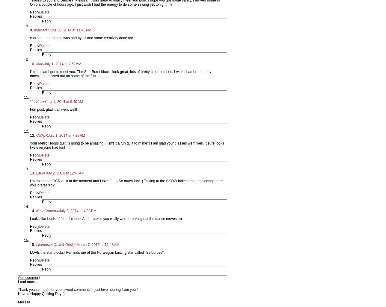 The image size is (386, 307). I want to click on 'Karen', so click(41, 102).